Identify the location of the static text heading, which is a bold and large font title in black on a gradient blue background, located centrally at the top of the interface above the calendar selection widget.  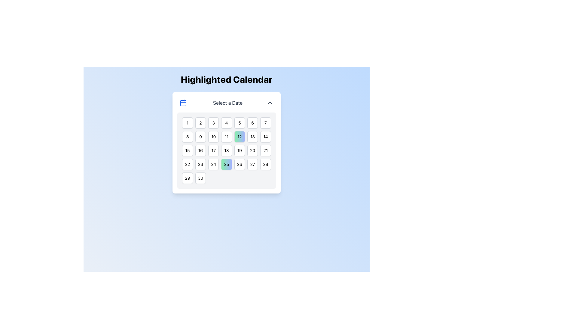
(226, 79).